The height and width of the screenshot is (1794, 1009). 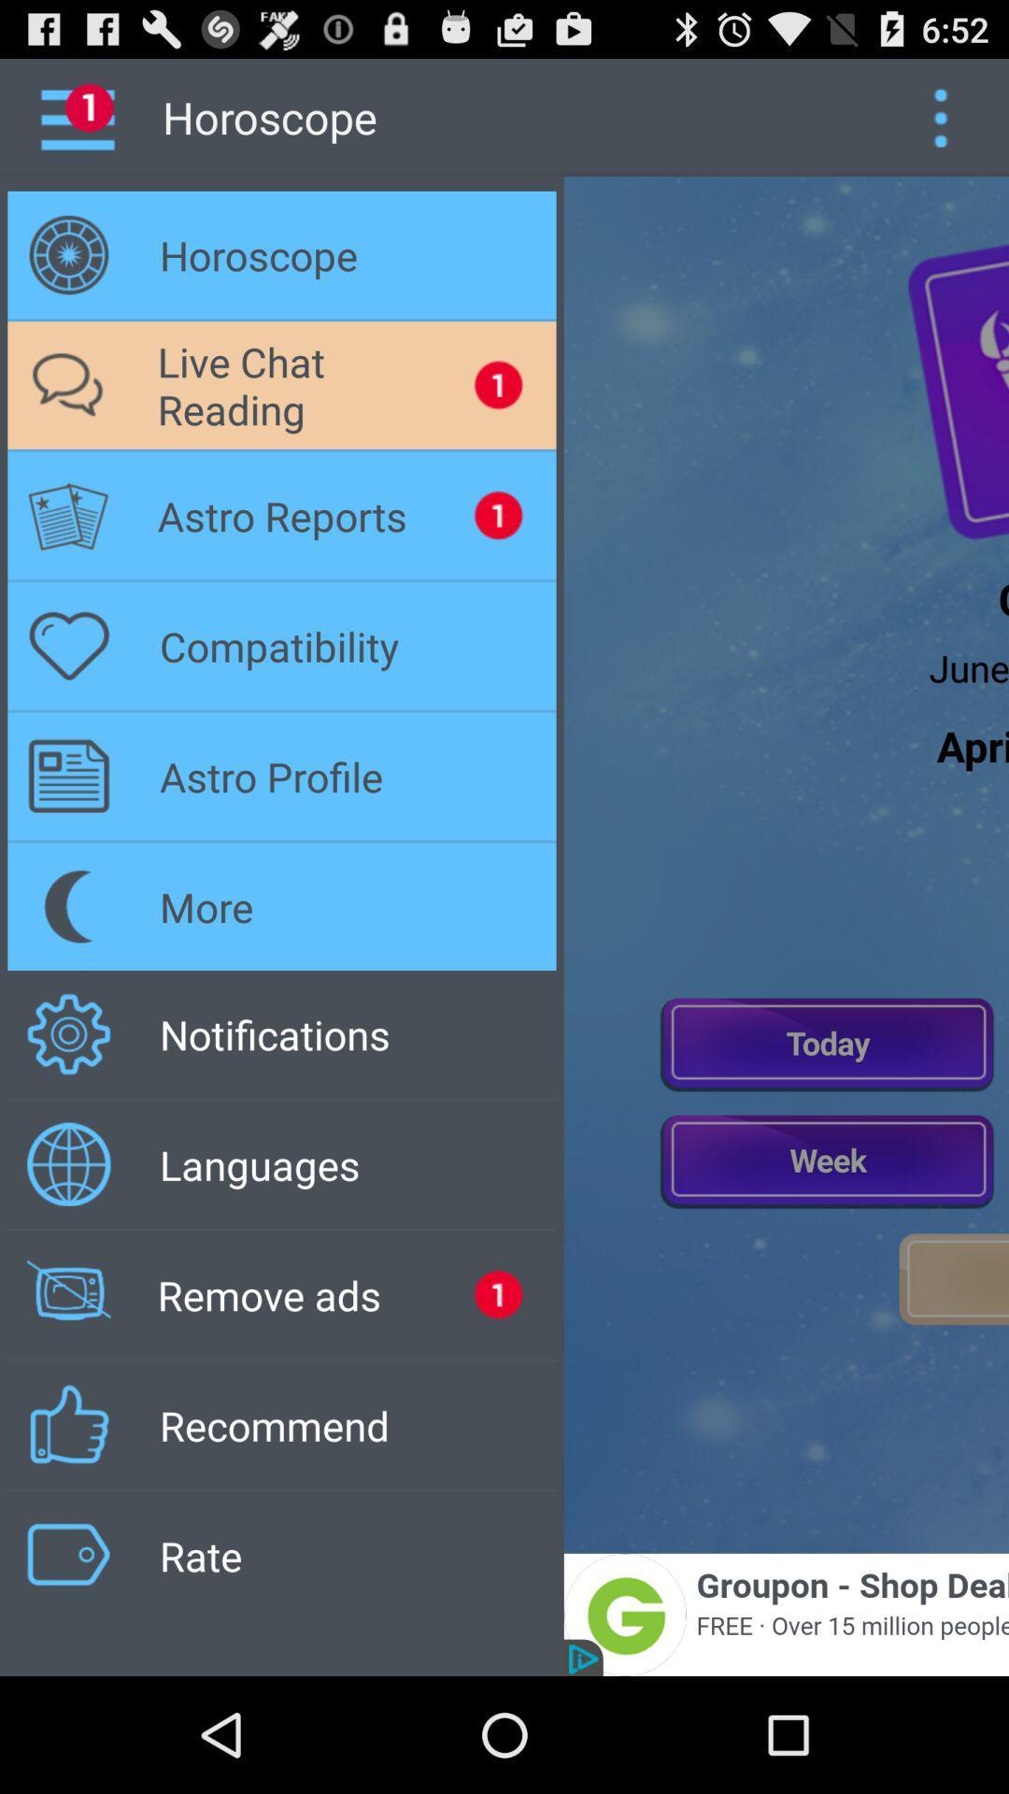 I want to click on horoscope for the week, so click(x=827, y=1159).